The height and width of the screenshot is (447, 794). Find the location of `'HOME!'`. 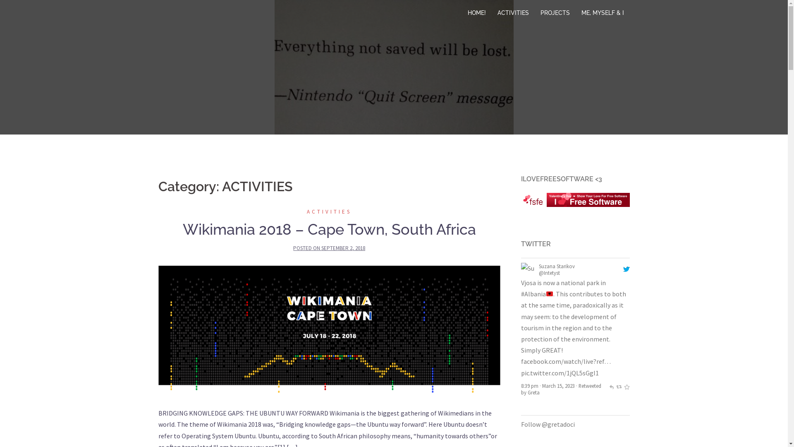

'HOME!' is located at coordinates (476, 13).